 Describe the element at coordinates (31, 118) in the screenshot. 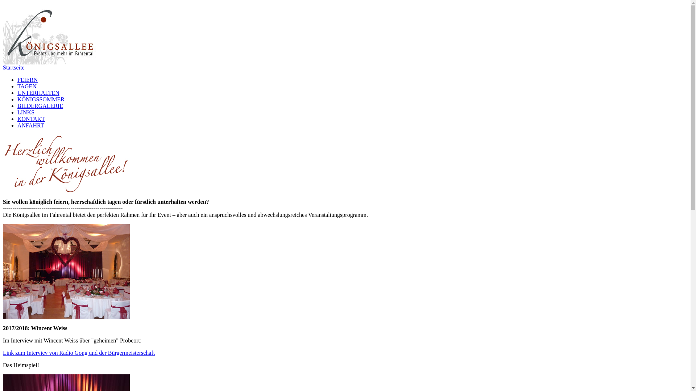

I see `'KONTAKT'` at that location.